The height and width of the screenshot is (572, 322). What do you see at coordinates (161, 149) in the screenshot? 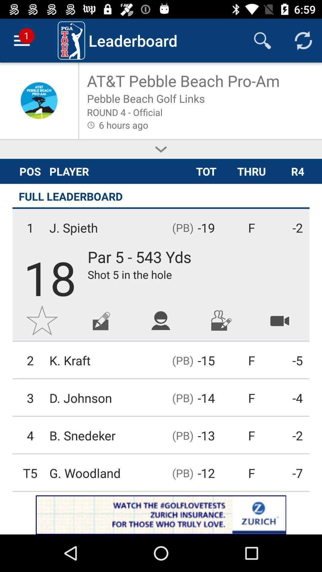
I see `more` at bounding box center [161, 149].